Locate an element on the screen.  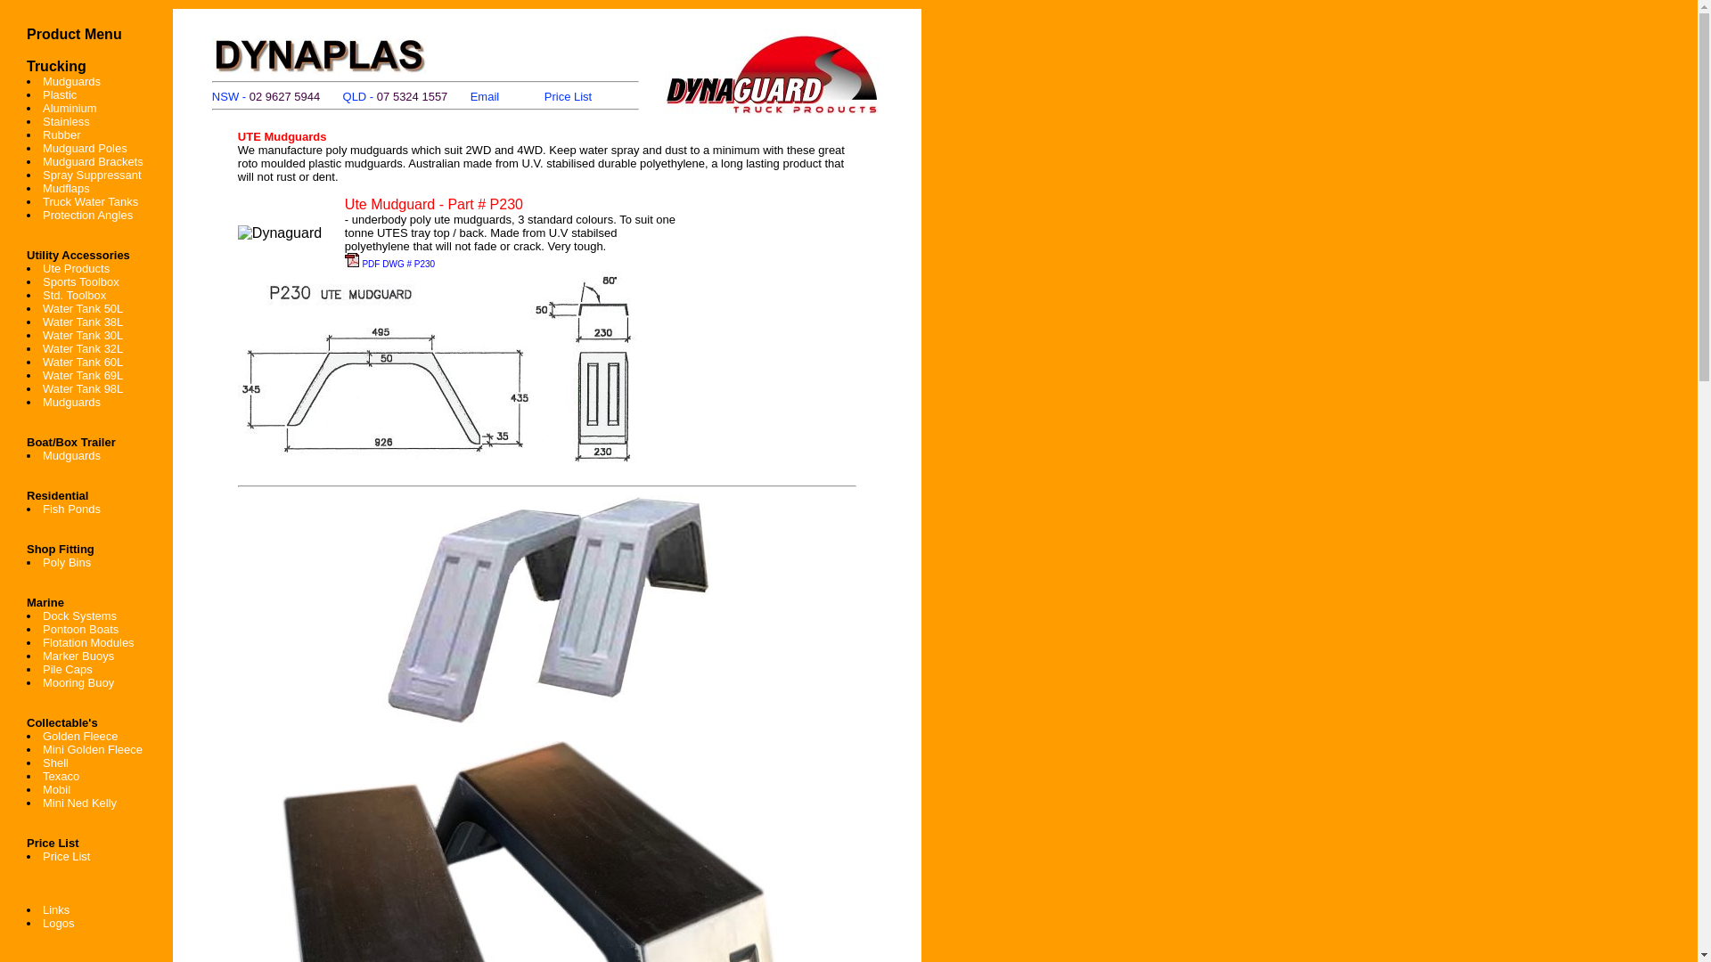
'Water Tank 30L' is located at coordinates (81, 335).